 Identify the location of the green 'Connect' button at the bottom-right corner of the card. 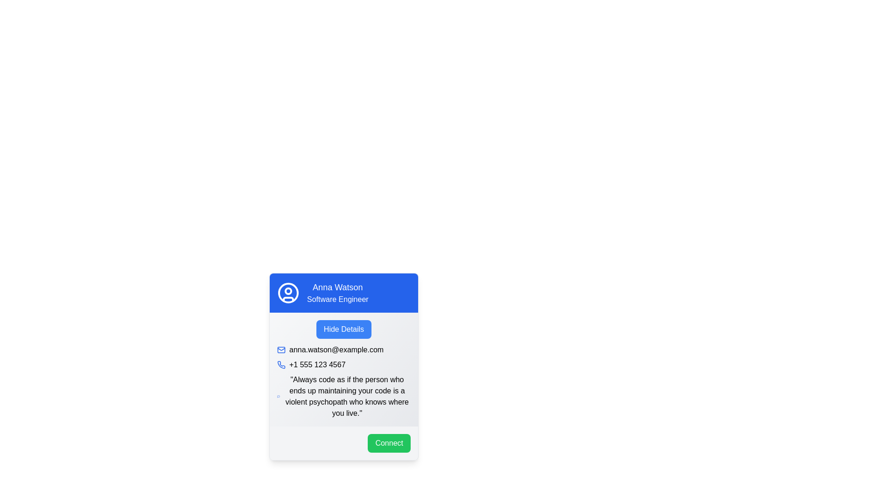
(389, 442).